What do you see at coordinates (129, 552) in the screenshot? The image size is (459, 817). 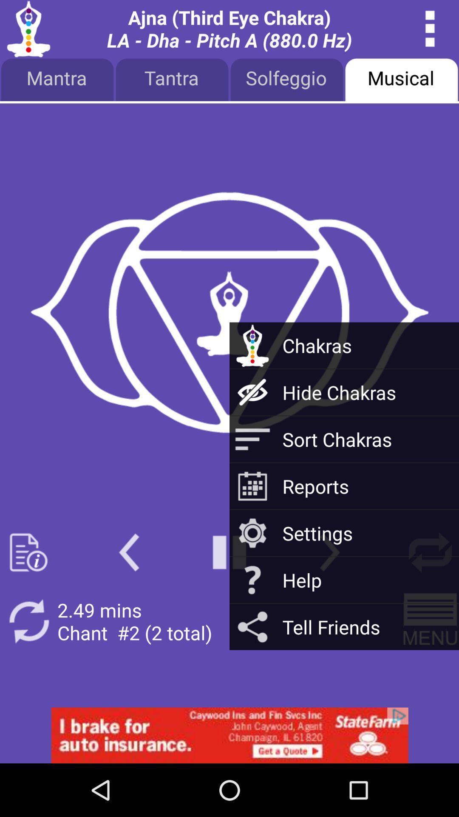 I see `go back` at bounding box center [129, 552].